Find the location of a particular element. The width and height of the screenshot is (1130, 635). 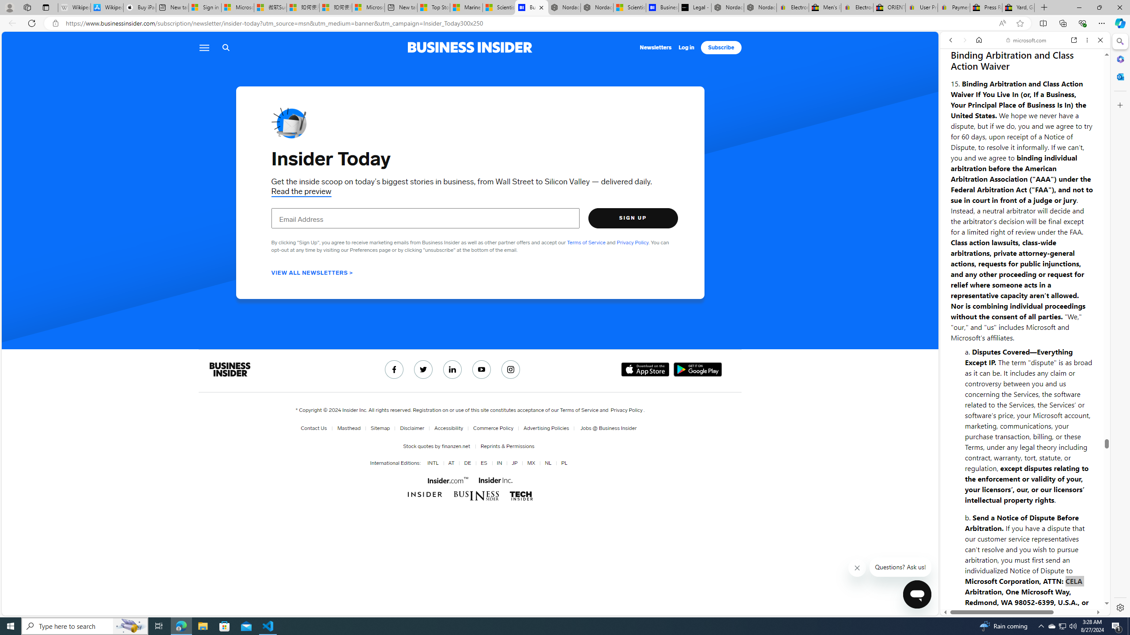

'PL' is located at coordinates (563, 463).